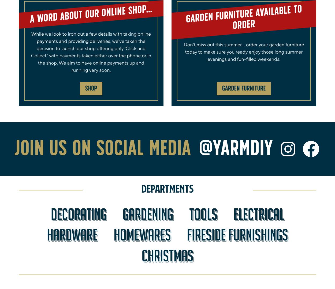  I want to click on 'Electrical', so click(258, 214).